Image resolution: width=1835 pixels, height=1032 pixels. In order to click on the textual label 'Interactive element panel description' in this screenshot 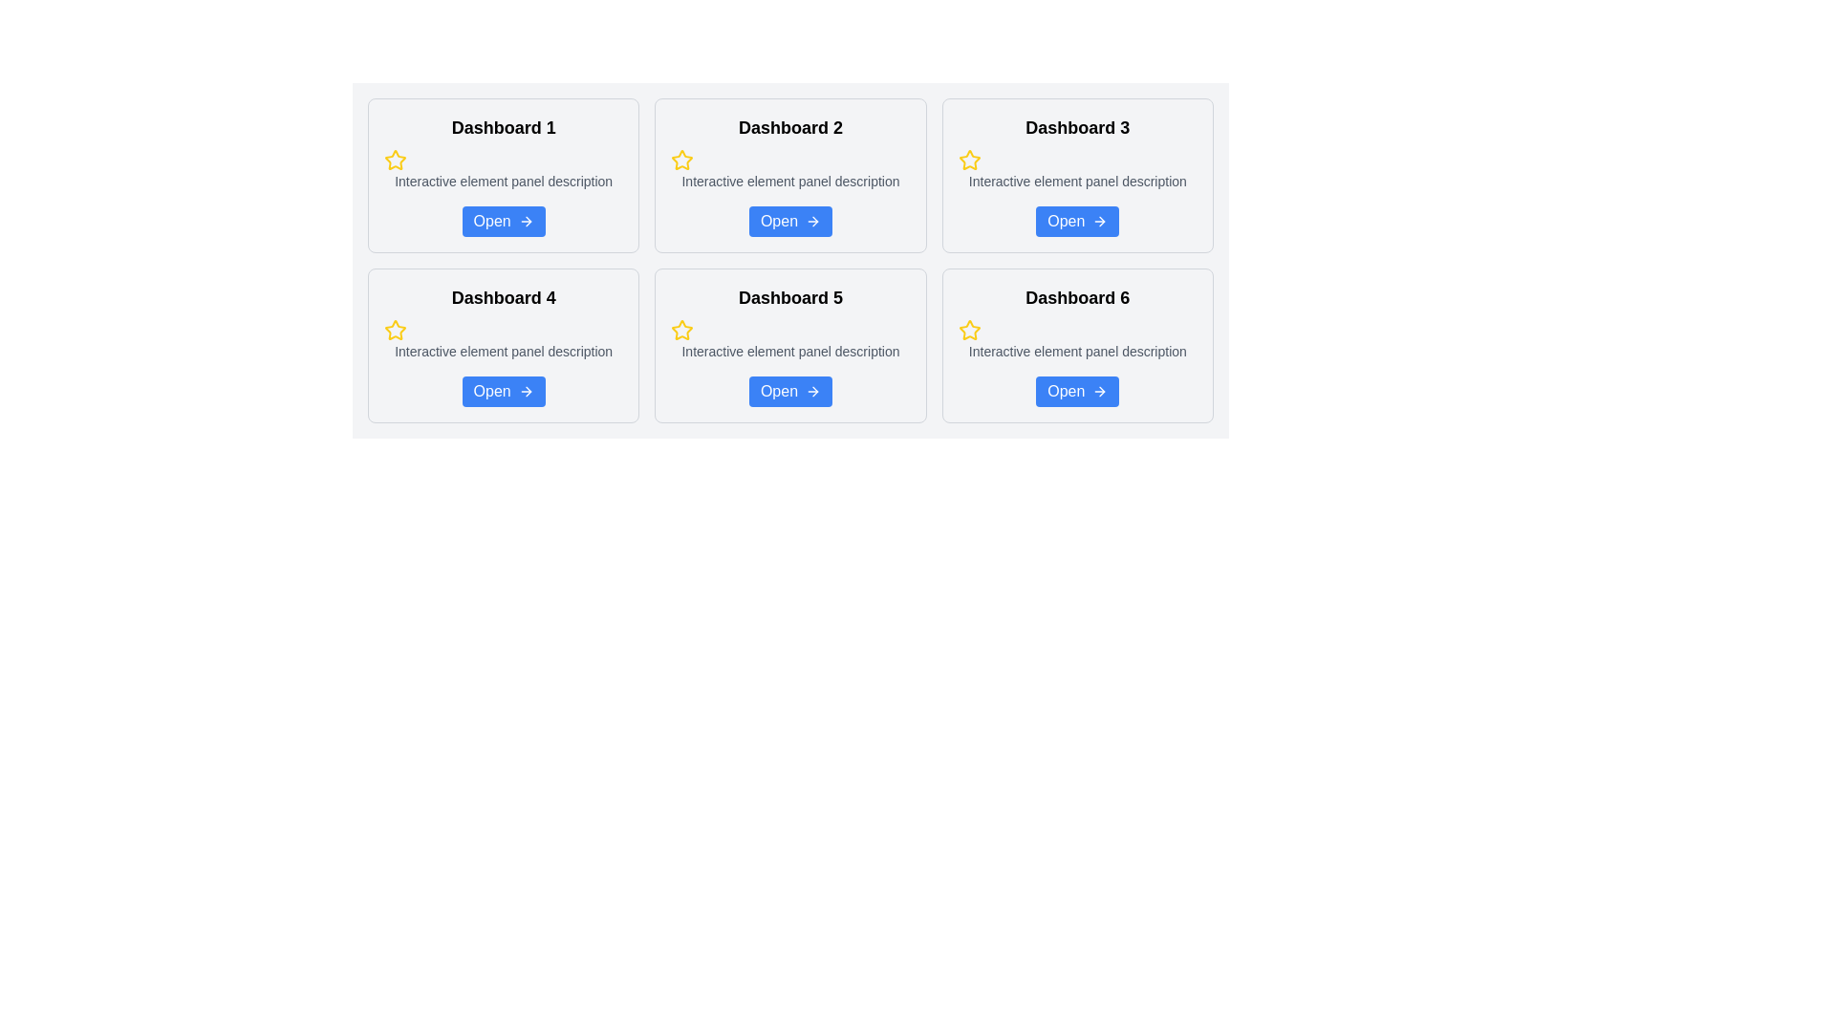, I will do `click(790, 181)`.